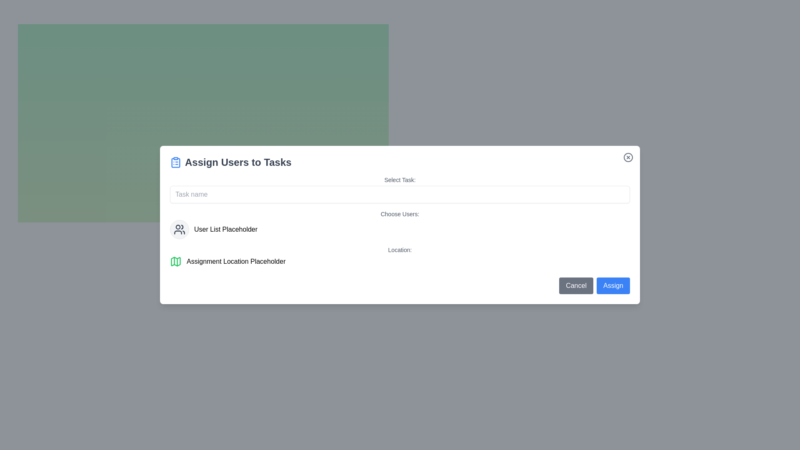 Image resolution: width=800 pixels, height=450 pixels. Describe the element at coordinates (175, 261) in the screenshot. I see `the green map-like icon with a fold-like appearance, located in the 'Assignment Location Placeholder' section below the 'User List Placeholder'` at that location.